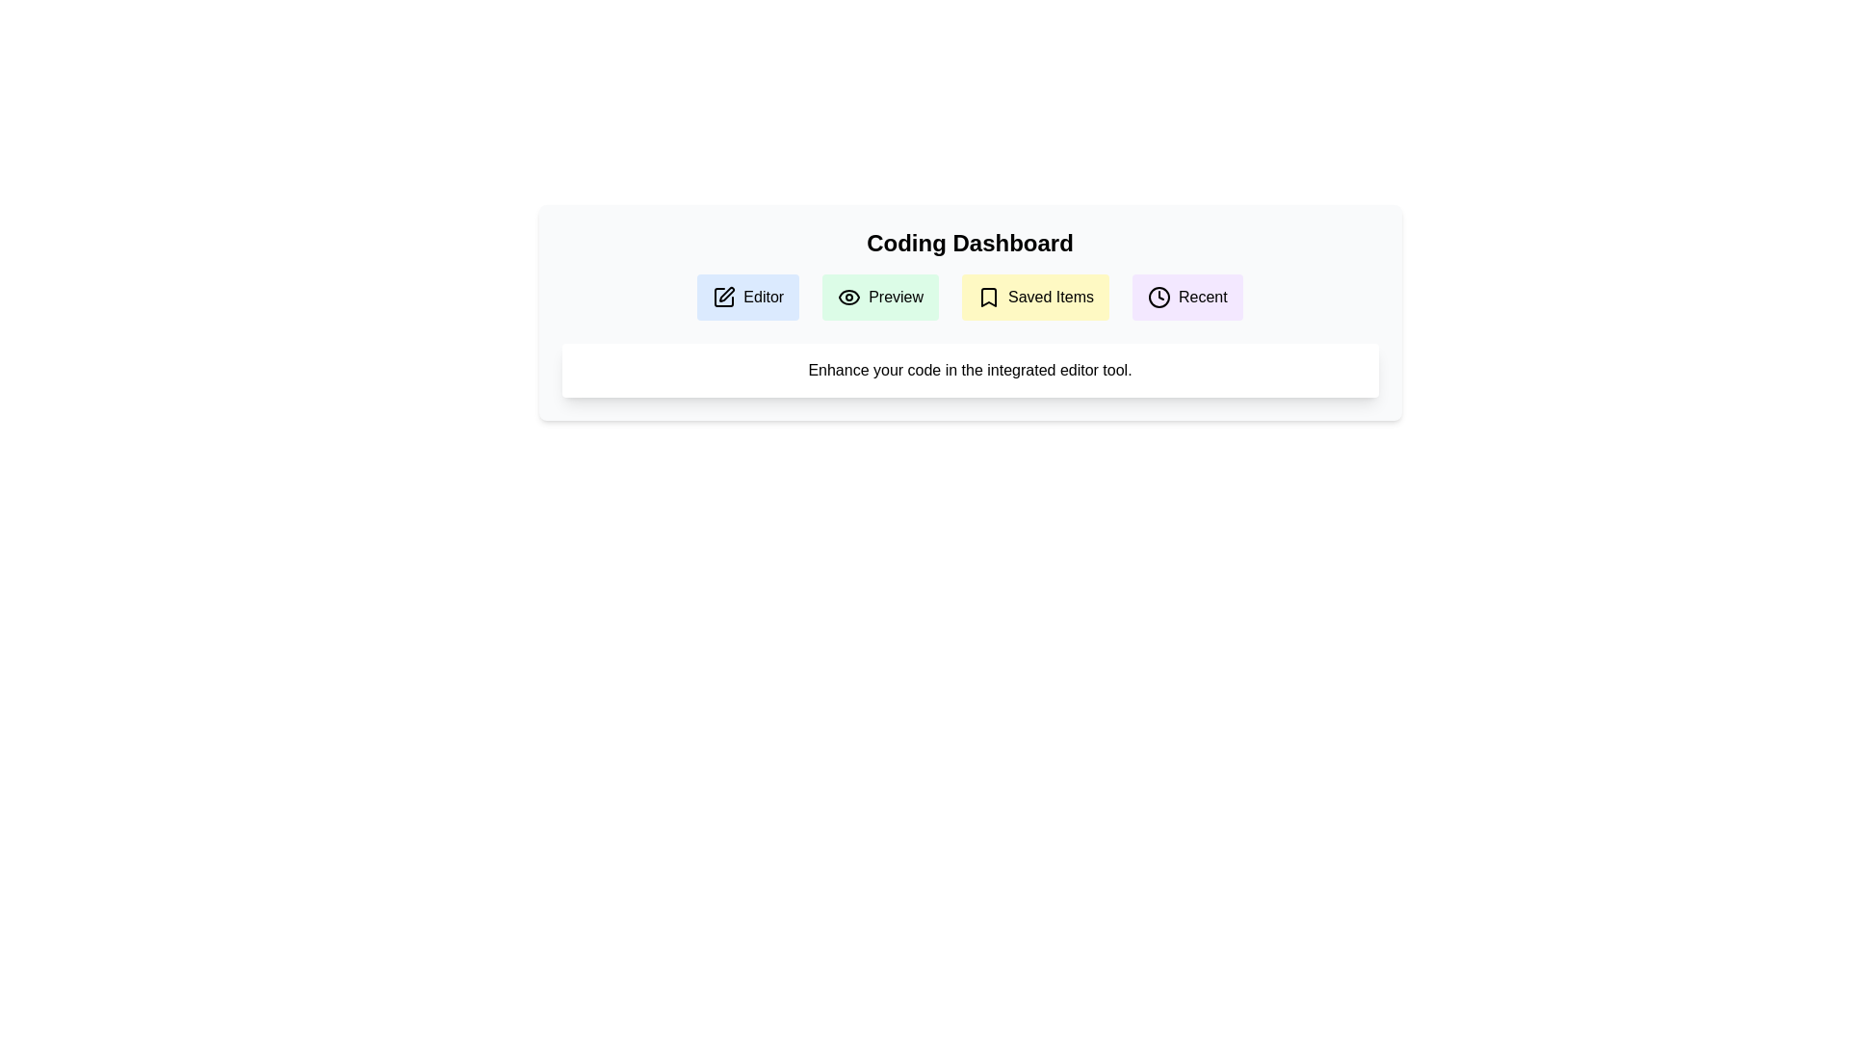  I want to click on the pen tip graphic element within the SVG icon, so click(726, 294).